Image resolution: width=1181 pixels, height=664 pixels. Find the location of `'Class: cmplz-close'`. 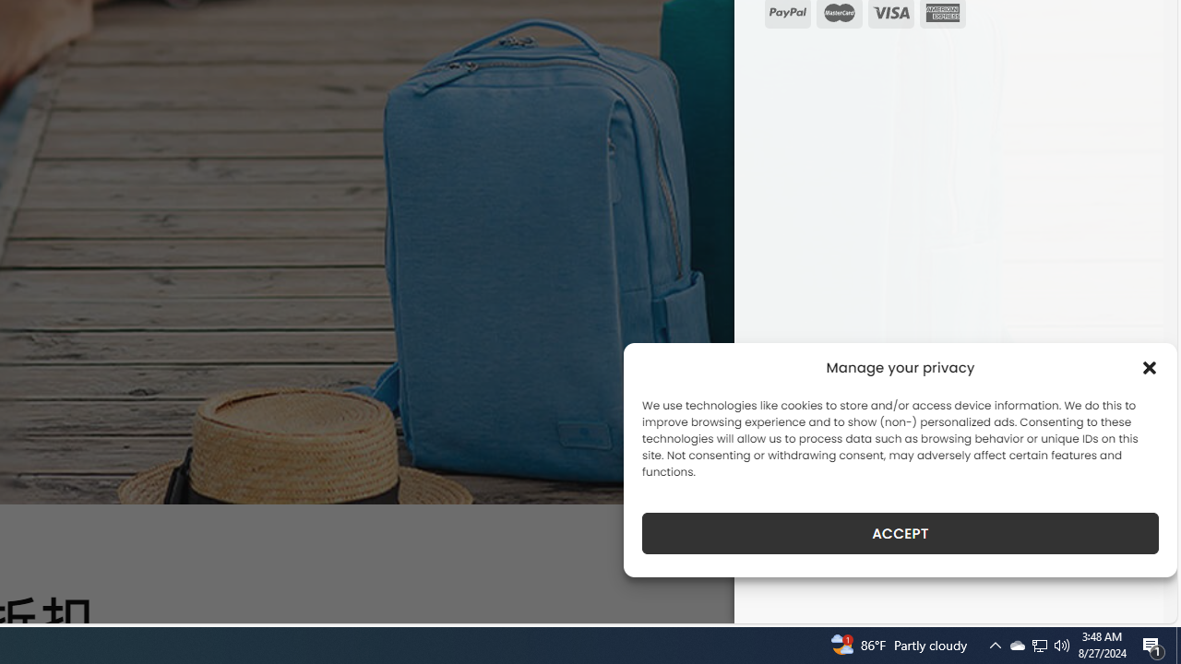

'Class: cmplz-close' is located at coordinates (1149, 367).